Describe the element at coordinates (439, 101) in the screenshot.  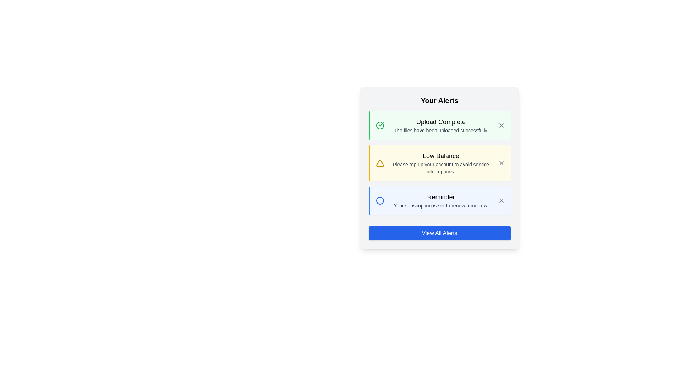
I see `the bold, large-font static text heading displaying 'Your Alerts' at the top of the notification card` at that location.